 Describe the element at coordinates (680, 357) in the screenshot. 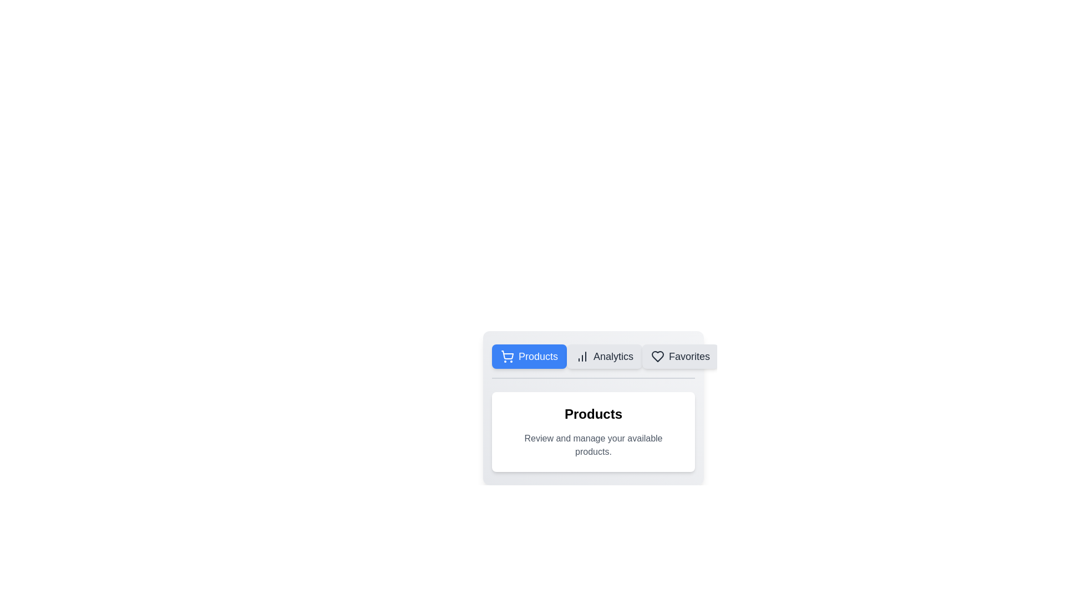

I see `the 'Favorites' button, which is the third button in a row of three buttons` at that location.